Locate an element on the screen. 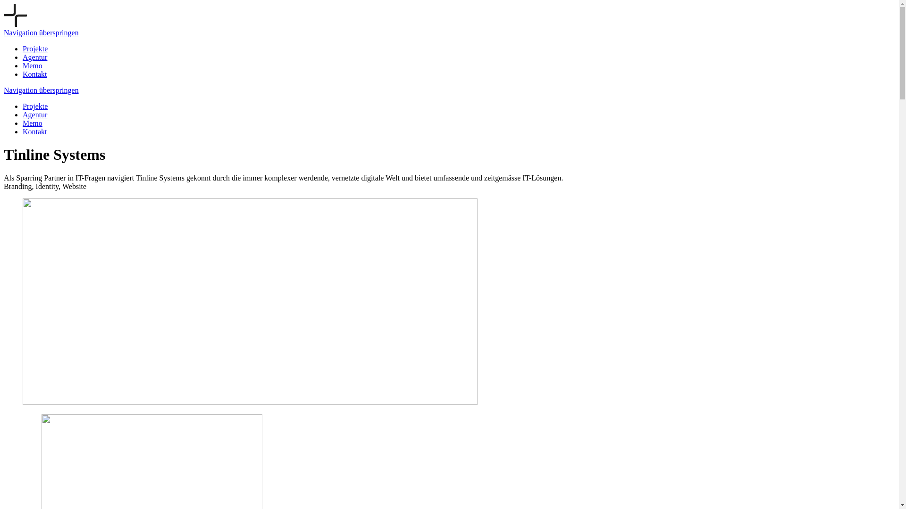 The height and width of the screenshot is (509, 906). 'Projekte' is located at coordinates (35, 106).